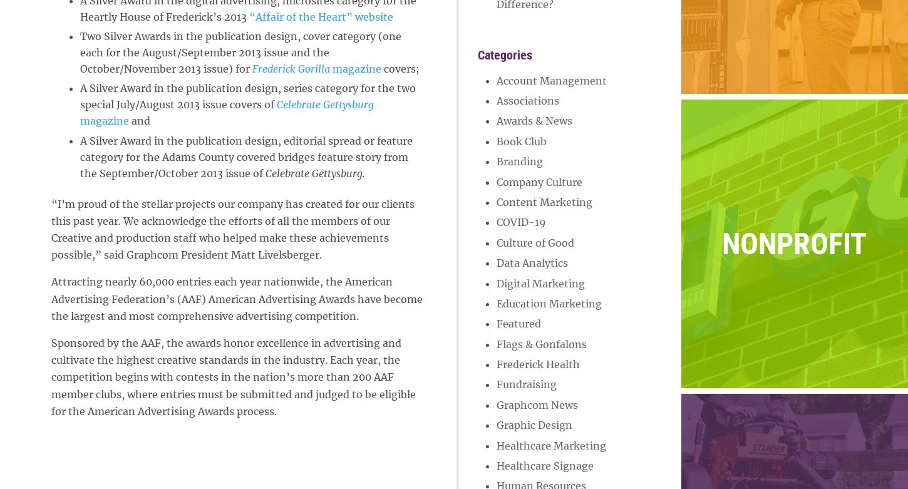 This screenshot has height=489, width=908. What do you see at coordinates (521, 140) in the screenshot?
I see `'Book Club'` at bounding box center [521, 140].